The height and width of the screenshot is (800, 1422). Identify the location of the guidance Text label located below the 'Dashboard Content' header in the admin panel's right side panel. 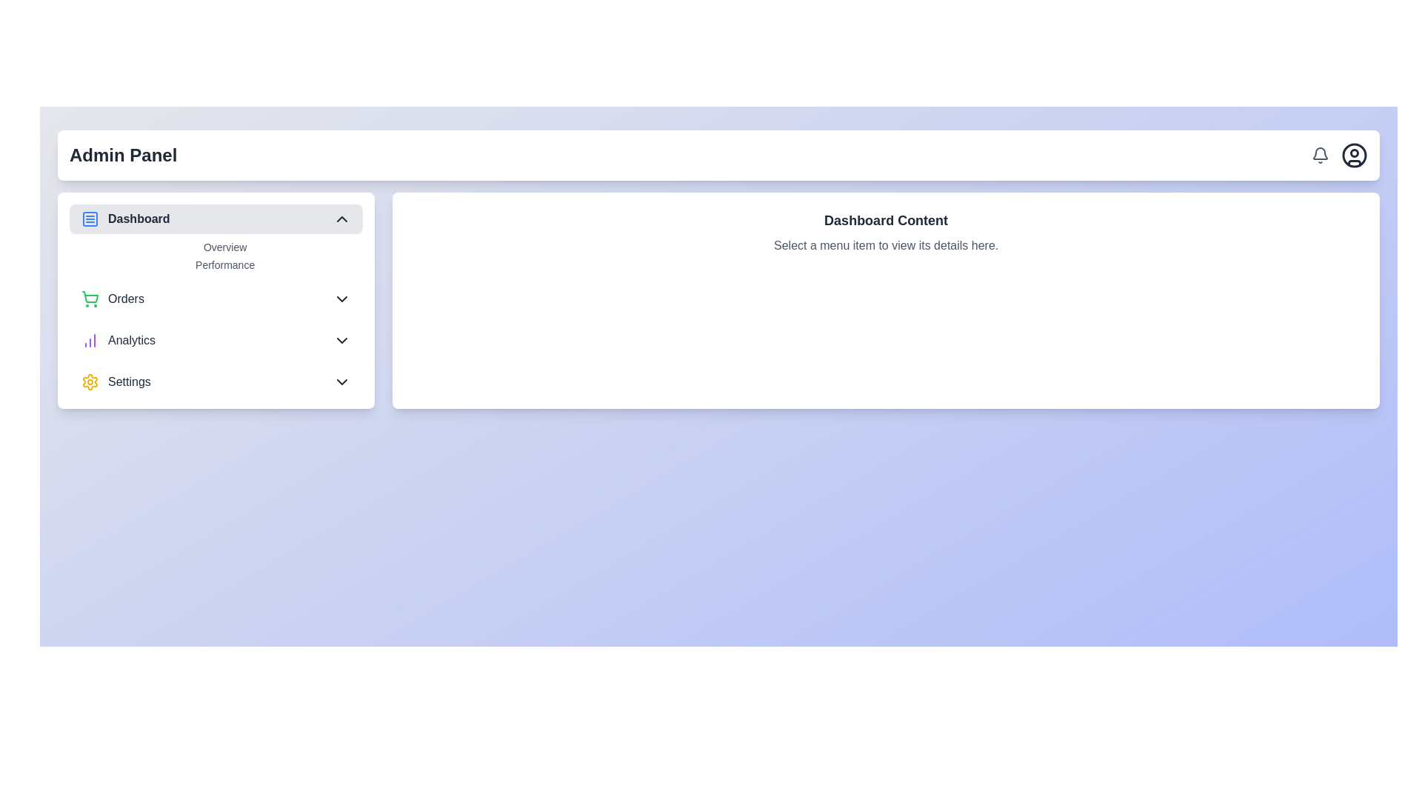
(886, 244).